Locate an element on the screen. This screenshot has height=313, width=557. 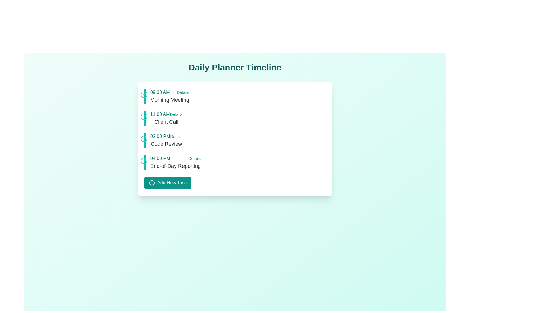
the circular icon with a plus sign, which is styled with a teal stroke and located next to the 'Add New Task' text in a green button at the bottom of the main task list is located at coordinates (152, 183).